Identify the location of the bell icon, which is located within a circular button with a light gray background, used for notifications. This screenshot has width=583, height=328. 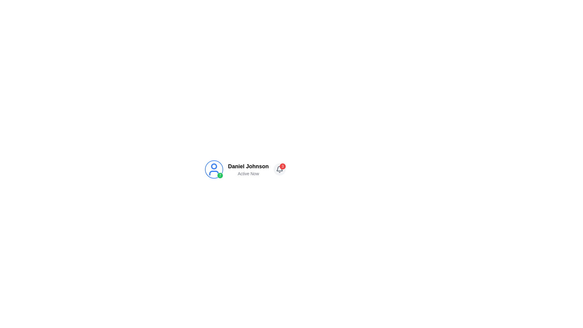
(279, 169).